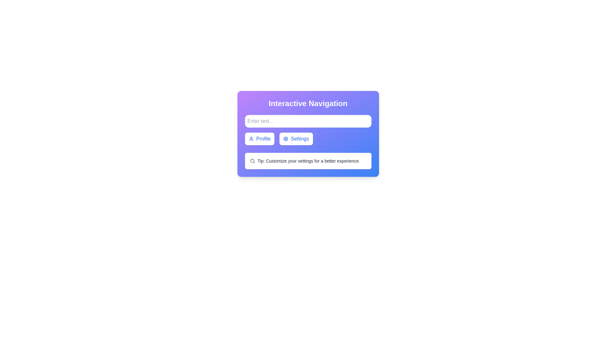 The image size is (607, 341). Describe the element at coordinates (260, 138) in the screenshot. I see `the 'Profile' button` at that location.